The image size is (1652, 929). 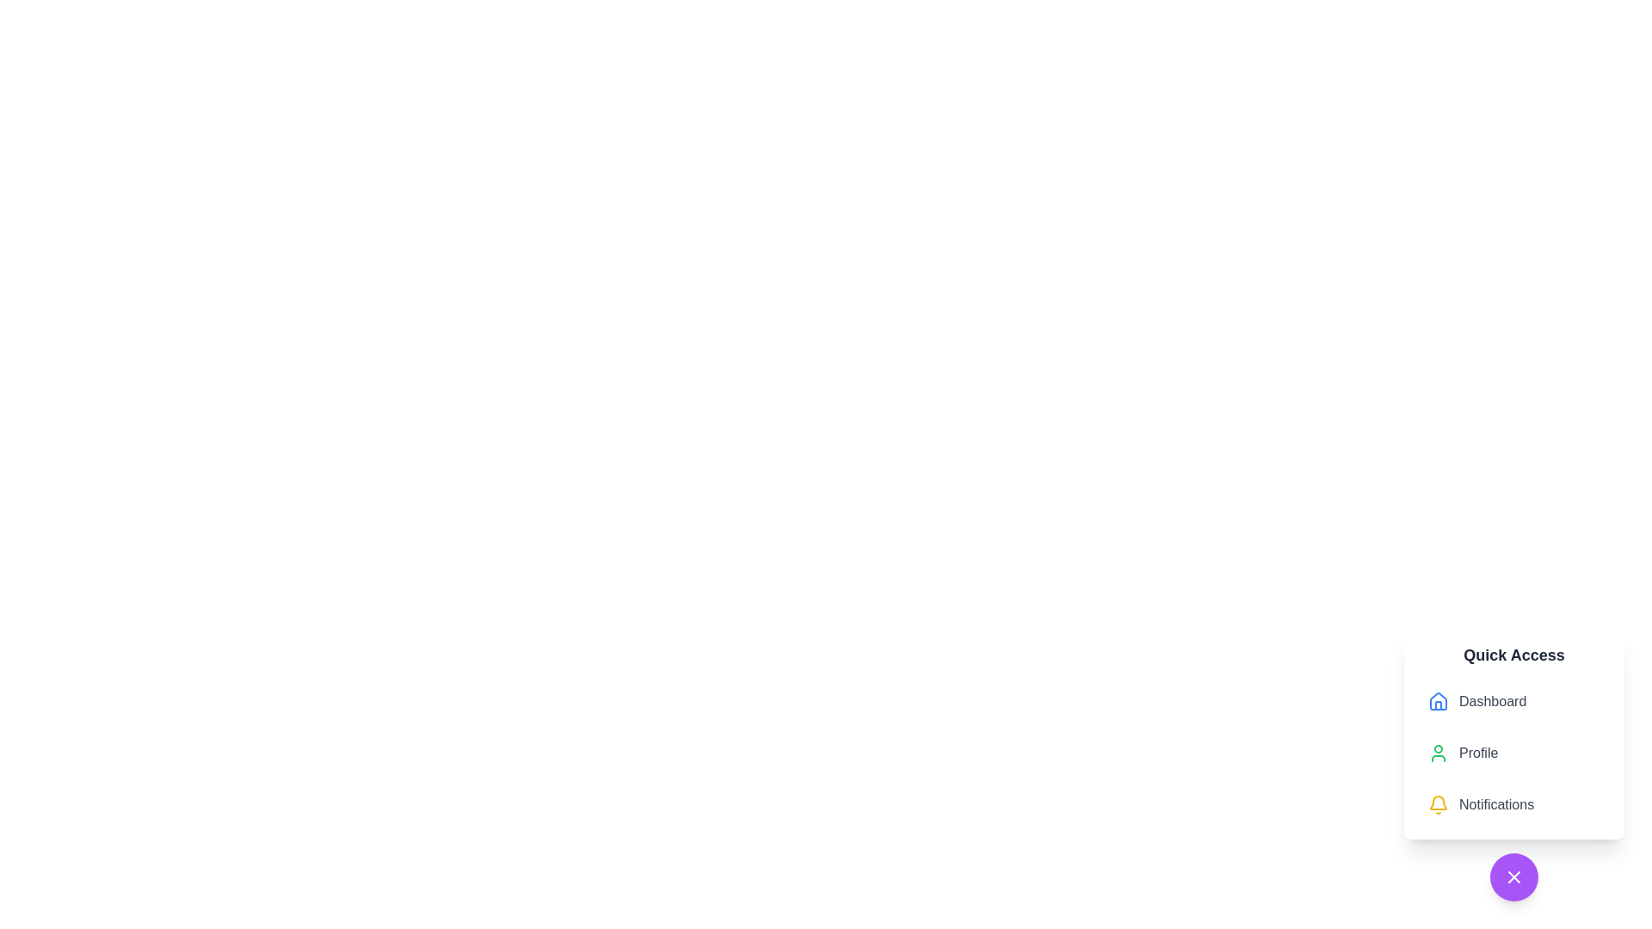 What do you see at coordinates (1514, 805) in the screenshot?
I see `the 'Notifications' button, which is the third item in the vertical list within the menu panel, featuring a yellow bell icon and gray text` at bounding box center [1514, 805].